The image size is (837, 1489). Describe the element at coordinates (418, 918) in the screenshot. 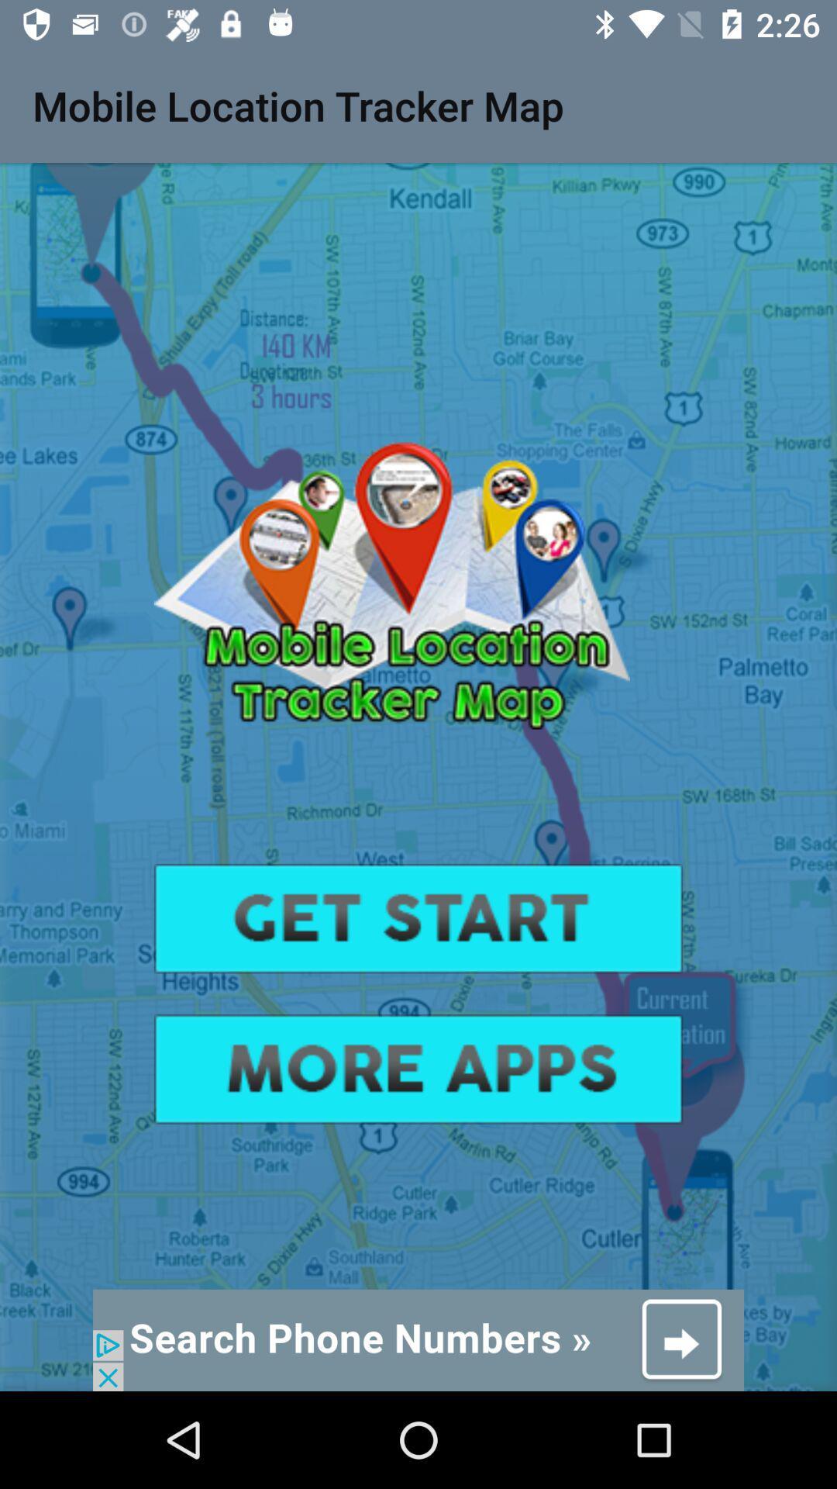

I see `start game` at that location.